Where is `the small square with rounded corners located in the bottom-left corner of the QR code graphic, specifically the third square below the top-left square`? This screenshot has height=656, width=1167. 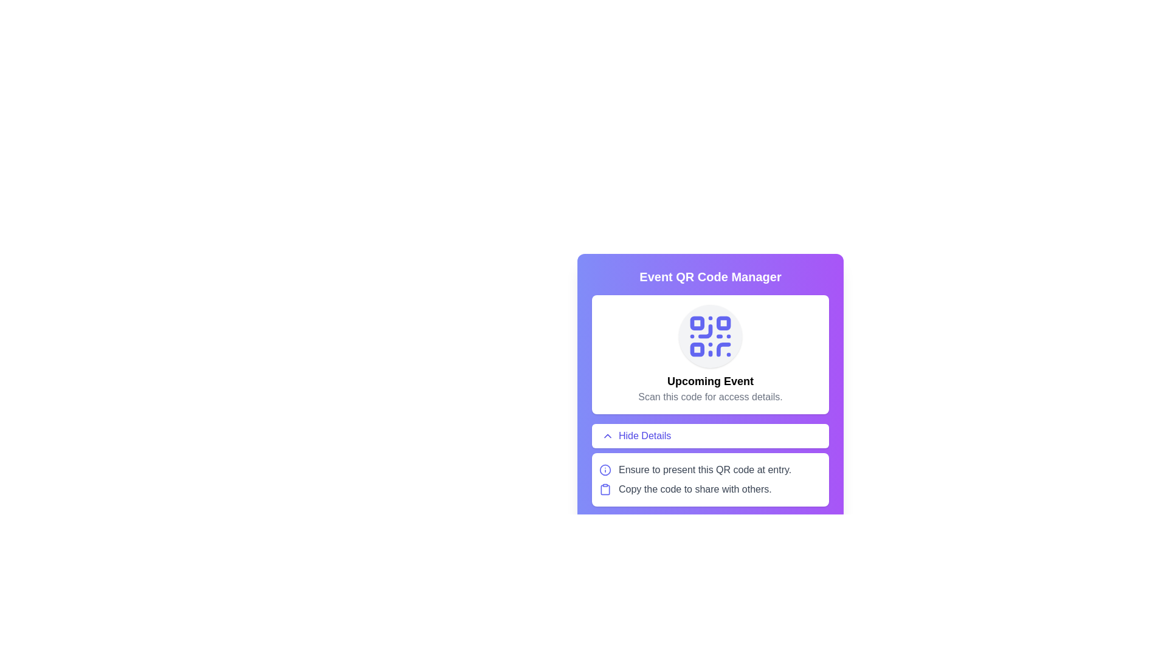
the small square with rounded corners located in the bottom-left corner of the QR code graphic, specifically the third square below the top-left square is located at coordinates (697, 349).